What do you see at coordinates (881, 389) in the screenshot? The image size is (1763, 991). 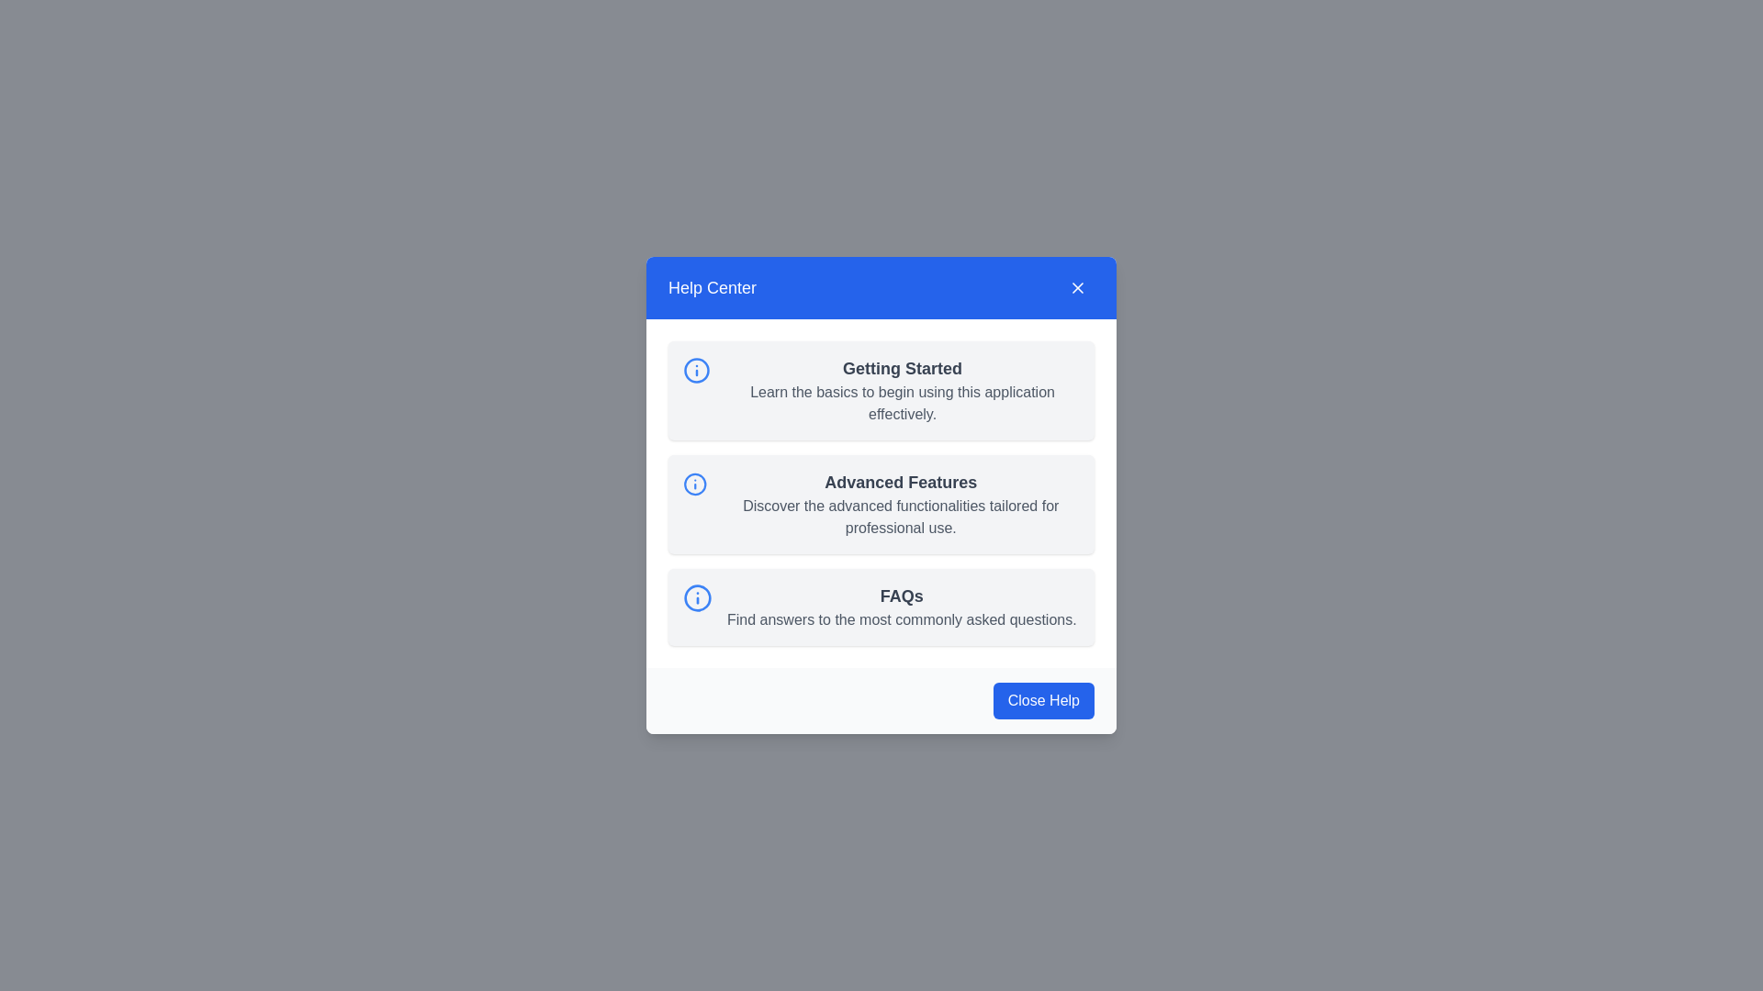 I see `the Informative Card, which is the first card in the Help Center section, providing guidance on using the application effectively` at bounding box center [881, 389].